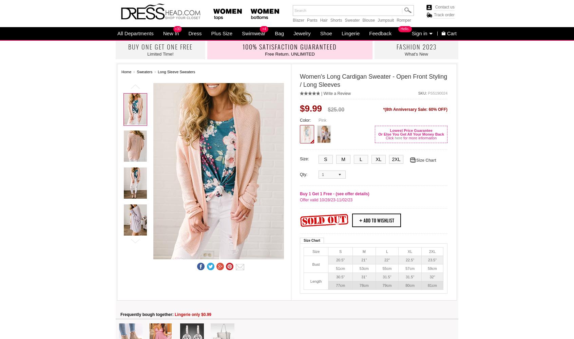 This screenshot has height=339, width=574. What do you see at coordinates (340, 277) in the screenshot?
I see `'30.5"'` at bounding box center [340, 277].